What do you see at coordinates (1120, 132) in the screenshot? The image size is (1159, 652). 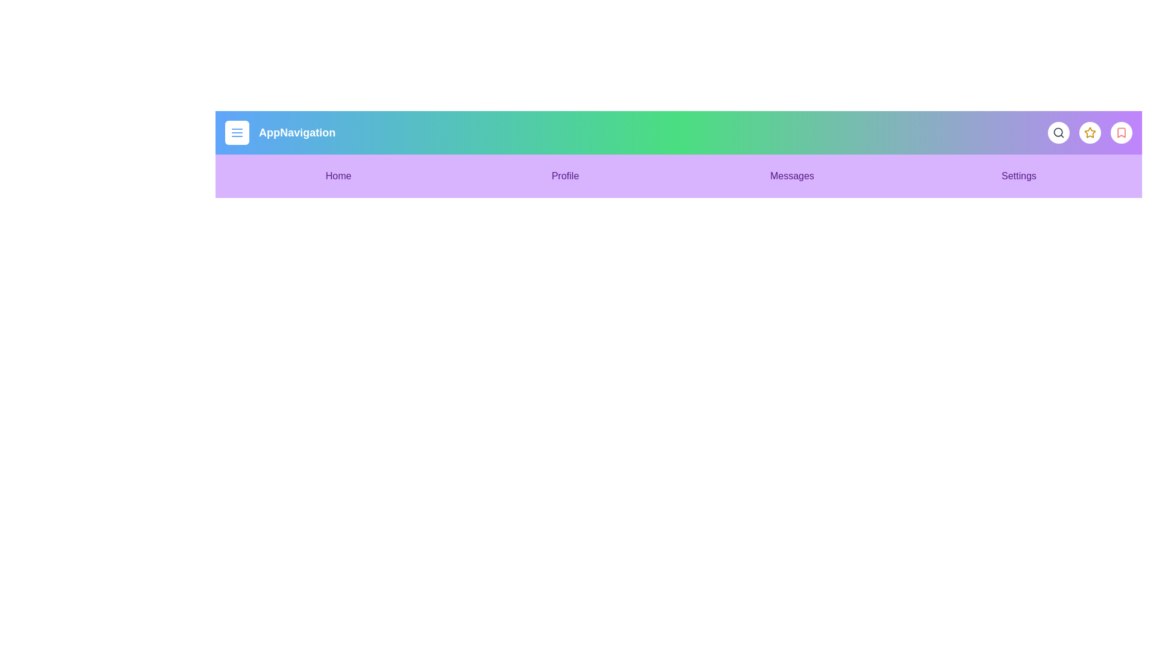 I see `the bookmark icon to save an item` at bounding box center [1120, 132].